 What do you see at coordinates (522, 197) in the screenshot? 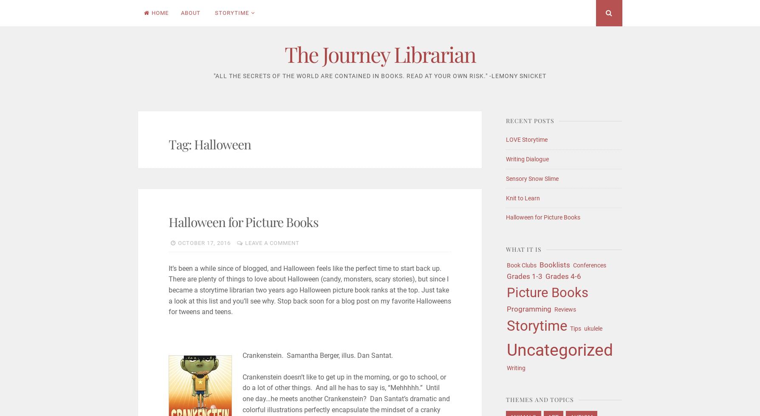
I see `'Knit to Learn'` at bounding box center [522, 197].